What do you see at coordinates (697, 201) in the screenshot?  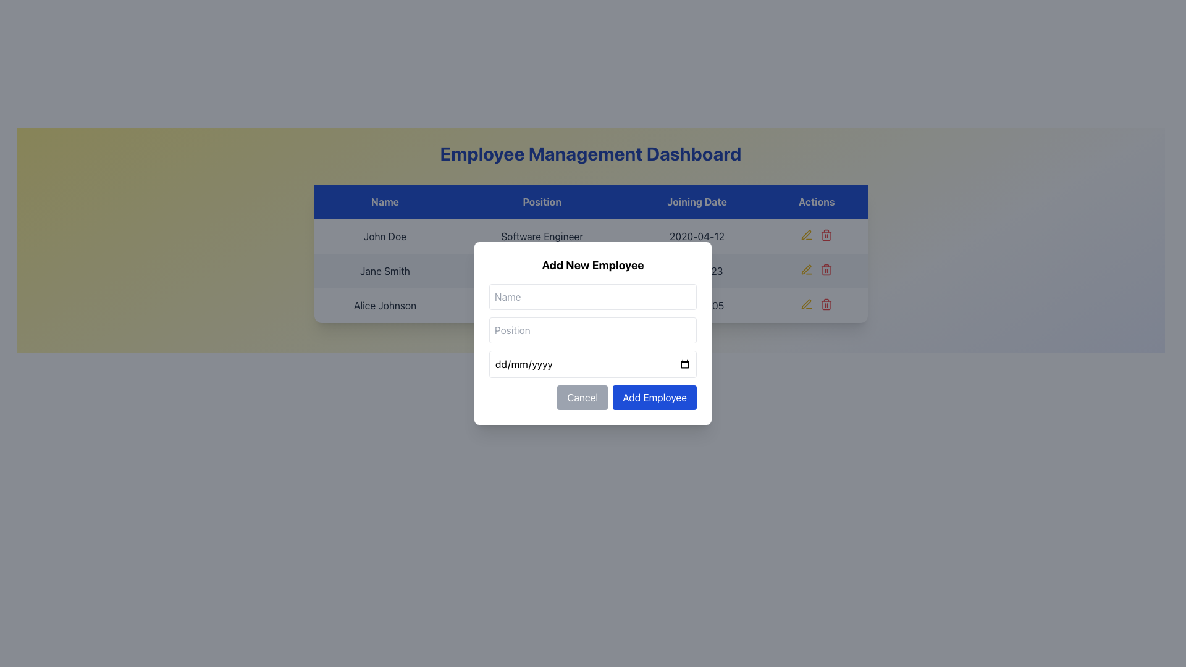 I see `the 'Joining Date' text label in the header row of the table, which indicates the column for joining dates and is positioned between the 'Position' and 'Actions' elements` at bounding box center [697, 201].